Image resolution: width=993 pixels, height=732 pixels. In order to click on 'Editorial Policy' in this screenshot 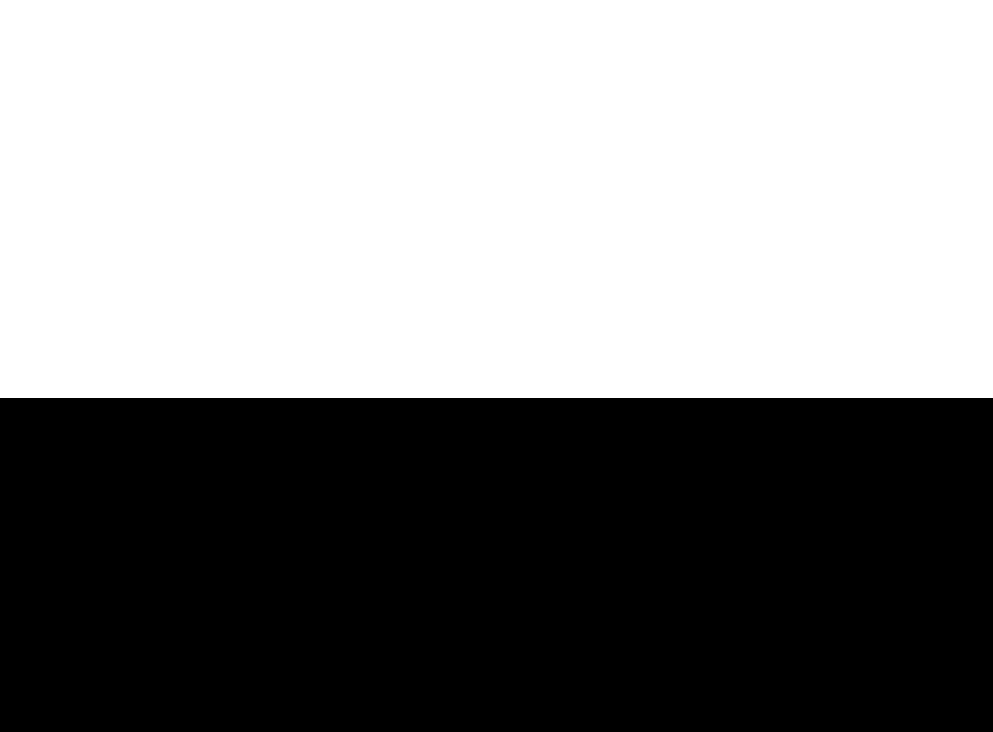, I will do `click(760, 569)`.